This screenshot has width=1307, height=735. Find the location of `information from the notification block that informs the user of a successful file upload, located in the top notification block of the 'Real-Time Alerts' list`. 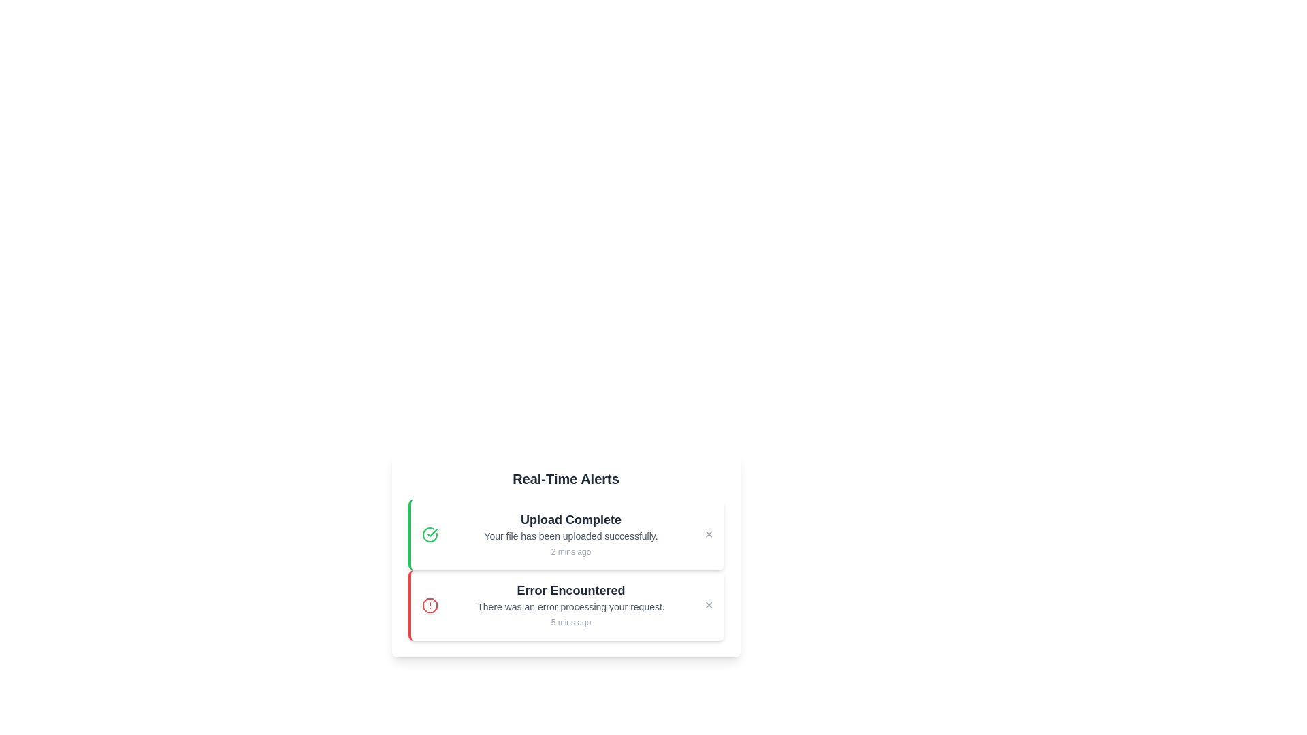

information from the notification block that informs the user of a successful file upload, located in the top notification block of the 'Real-Time Alerts' list is located at coordinates (571, 534).